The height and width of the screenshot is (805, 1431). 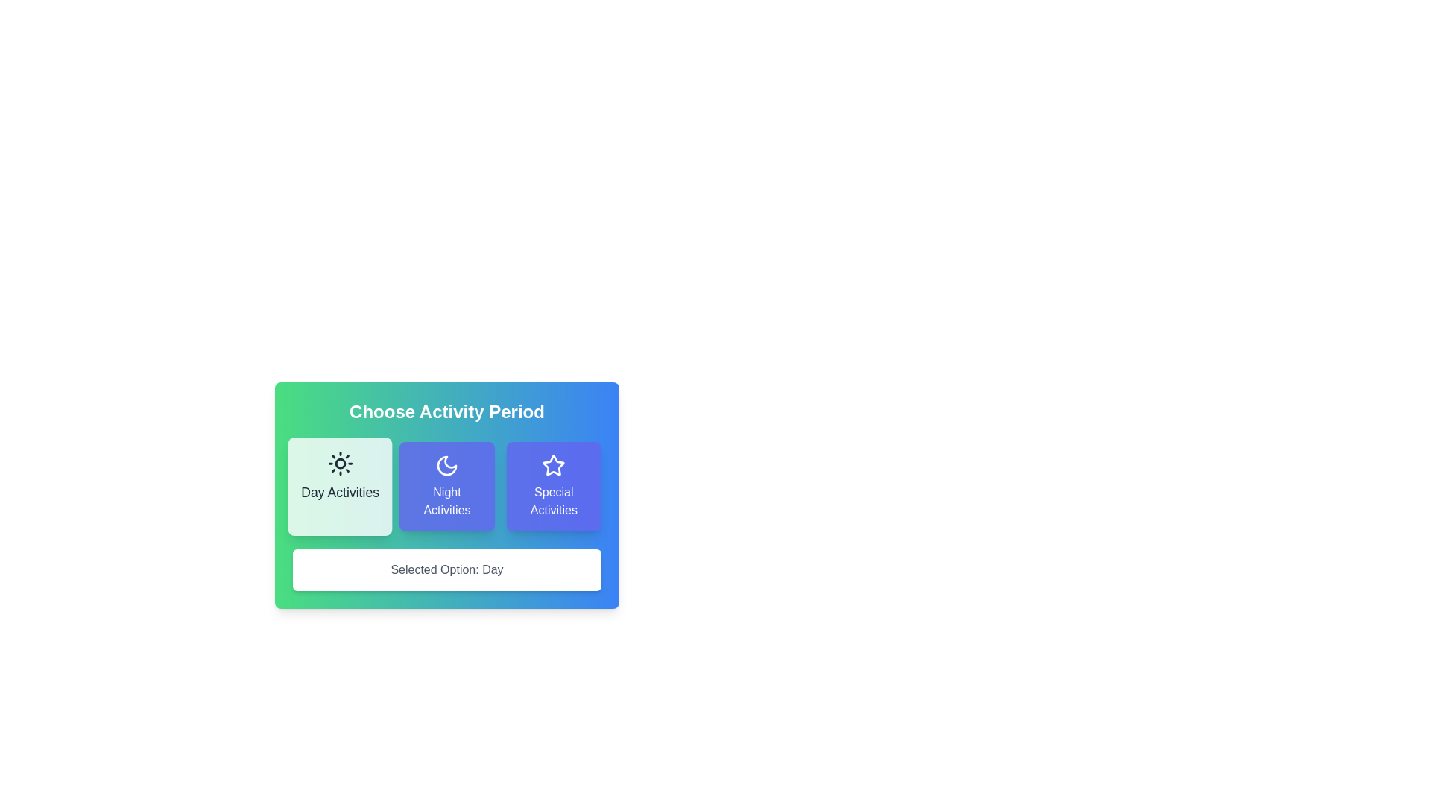 I want to click on the white-colored horizontal selection indicator with rounded corners that displays 'Selected Option: Day', so click(x=446, y=563).